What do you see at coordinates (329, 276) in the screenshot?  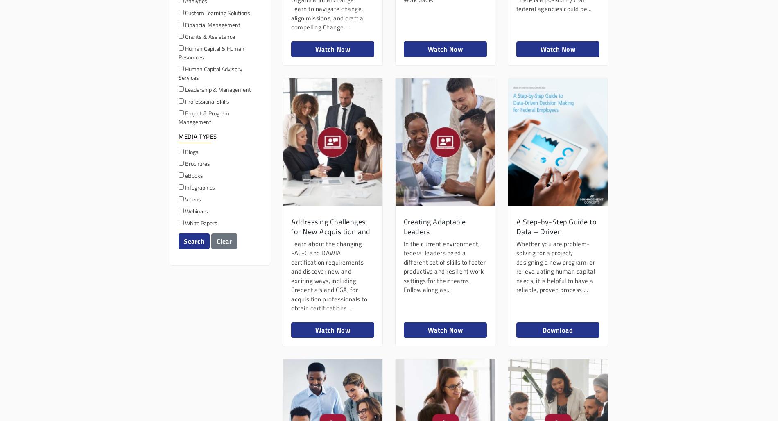 I see `'Learn about the changing FAC-C and DAWIA certification requirements and discover new and exciting ways, including Credentials and CGA, for acquisition professionals to obtain certifications…'` at bounding box center [329, 276].